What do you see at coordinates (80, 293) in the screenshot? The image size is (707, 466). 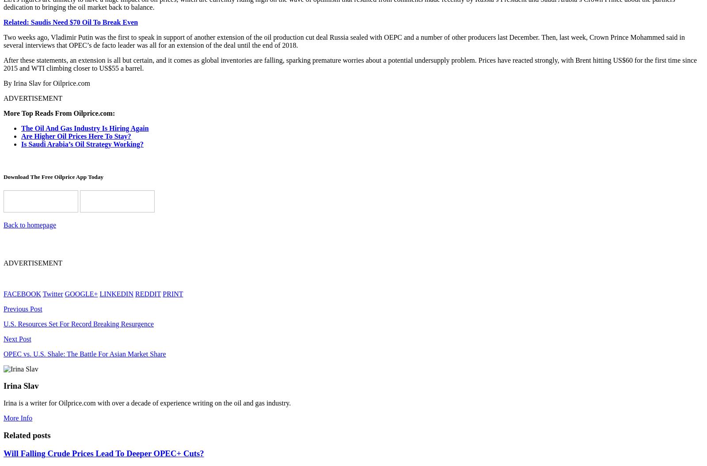 I see `'GOOGLE+'` at bounding box center [80, 293].